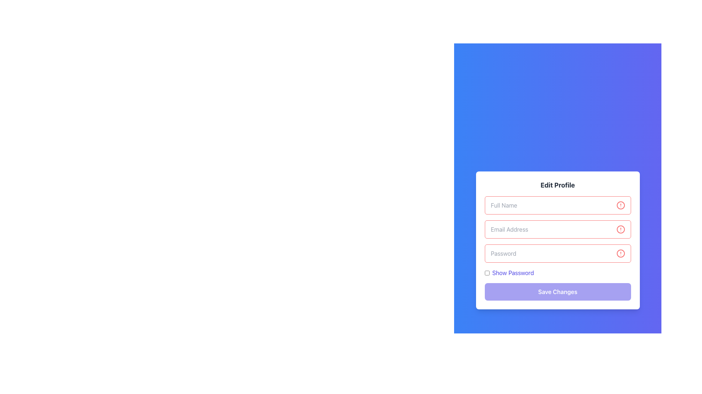  I want to click on the submit button located at the bottom of the form layout, so click(557, 291).